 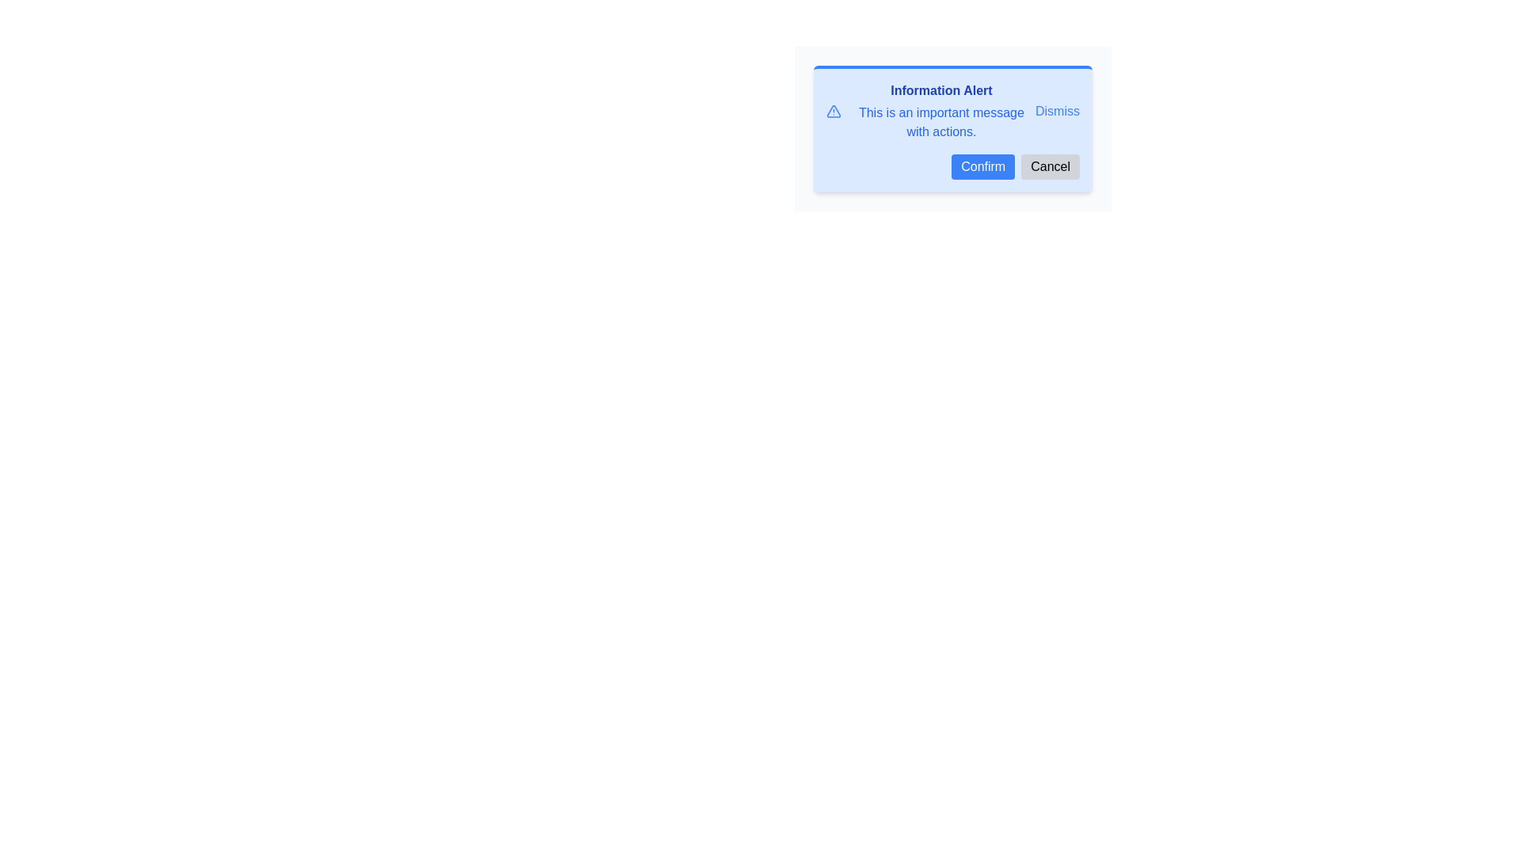 I want to click on the text label reading 'Information Alert' which is styled in blue color and bold font, located at the top center of a light blue dialog box, so click(x=941, y=91).